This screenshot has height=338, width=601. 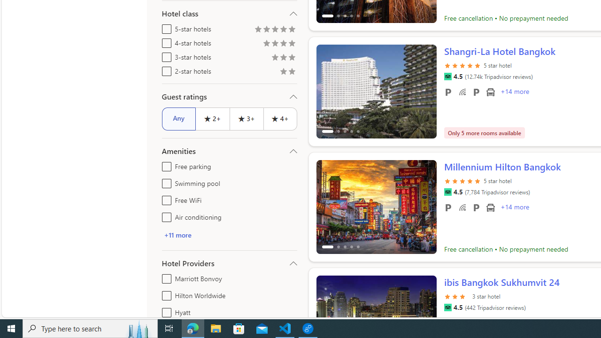 What do you see at coordinates (165, 311) in the screenshot?
I see `'Hyatt'` at bounding box center [165, 311].